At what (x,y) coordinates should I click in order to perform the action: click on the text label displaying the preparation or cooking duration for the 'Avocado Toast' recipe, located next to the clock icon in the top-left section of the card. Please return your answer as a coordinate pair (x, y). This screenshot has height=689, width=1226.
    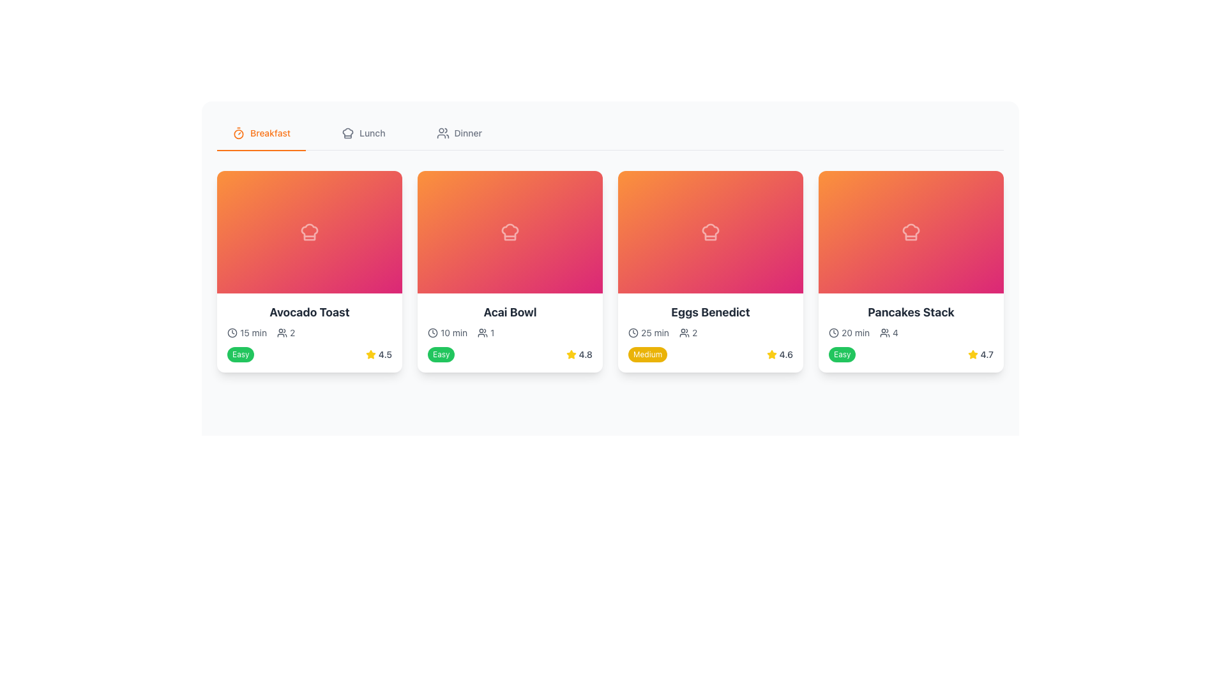
    Looking at the image, I should click on (254, 332).